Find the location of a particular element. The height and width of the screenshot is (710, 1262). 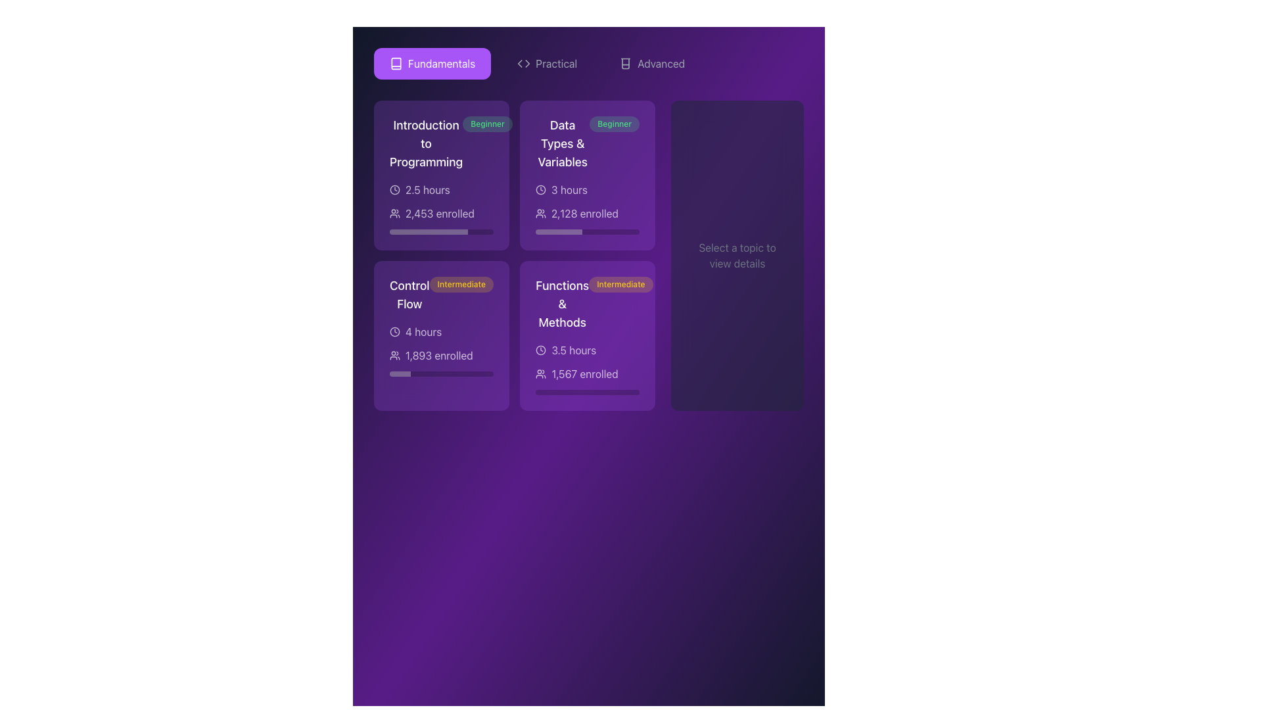

the Horizontal Progress Bar located at the bottom of the 'Functions & Methods' card, which is the fourth card in a grid layout is located at coordinates (586, 392).